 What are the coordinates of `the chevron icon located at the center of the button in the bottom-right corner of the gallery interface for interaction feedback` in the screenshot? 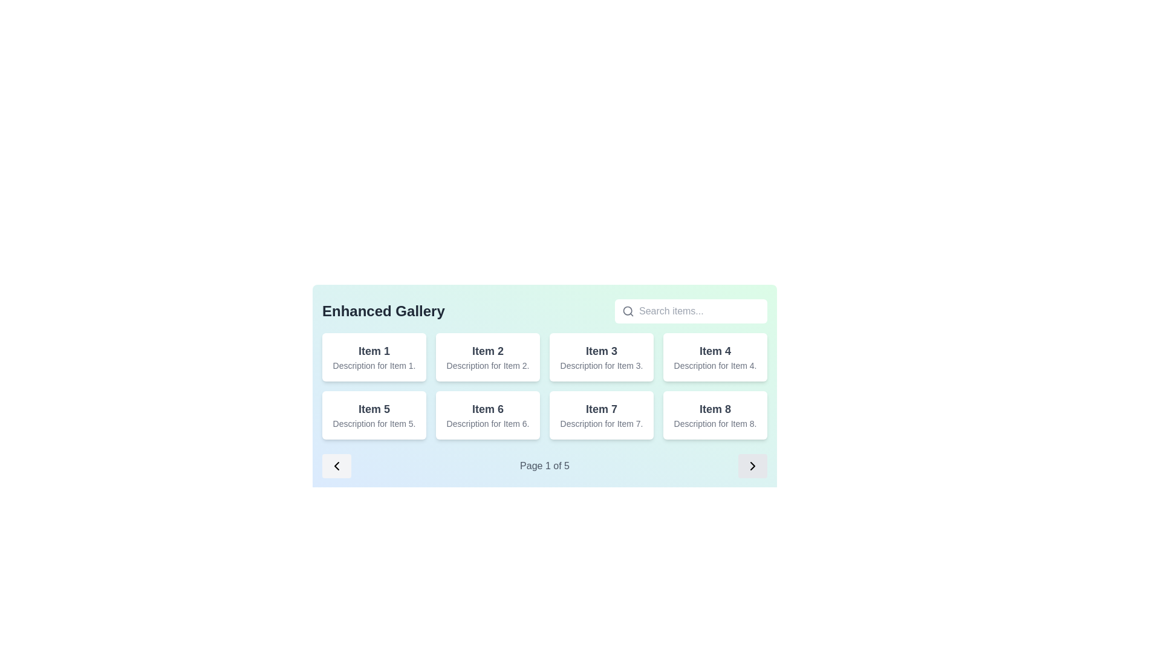 It's located at (752, 466).